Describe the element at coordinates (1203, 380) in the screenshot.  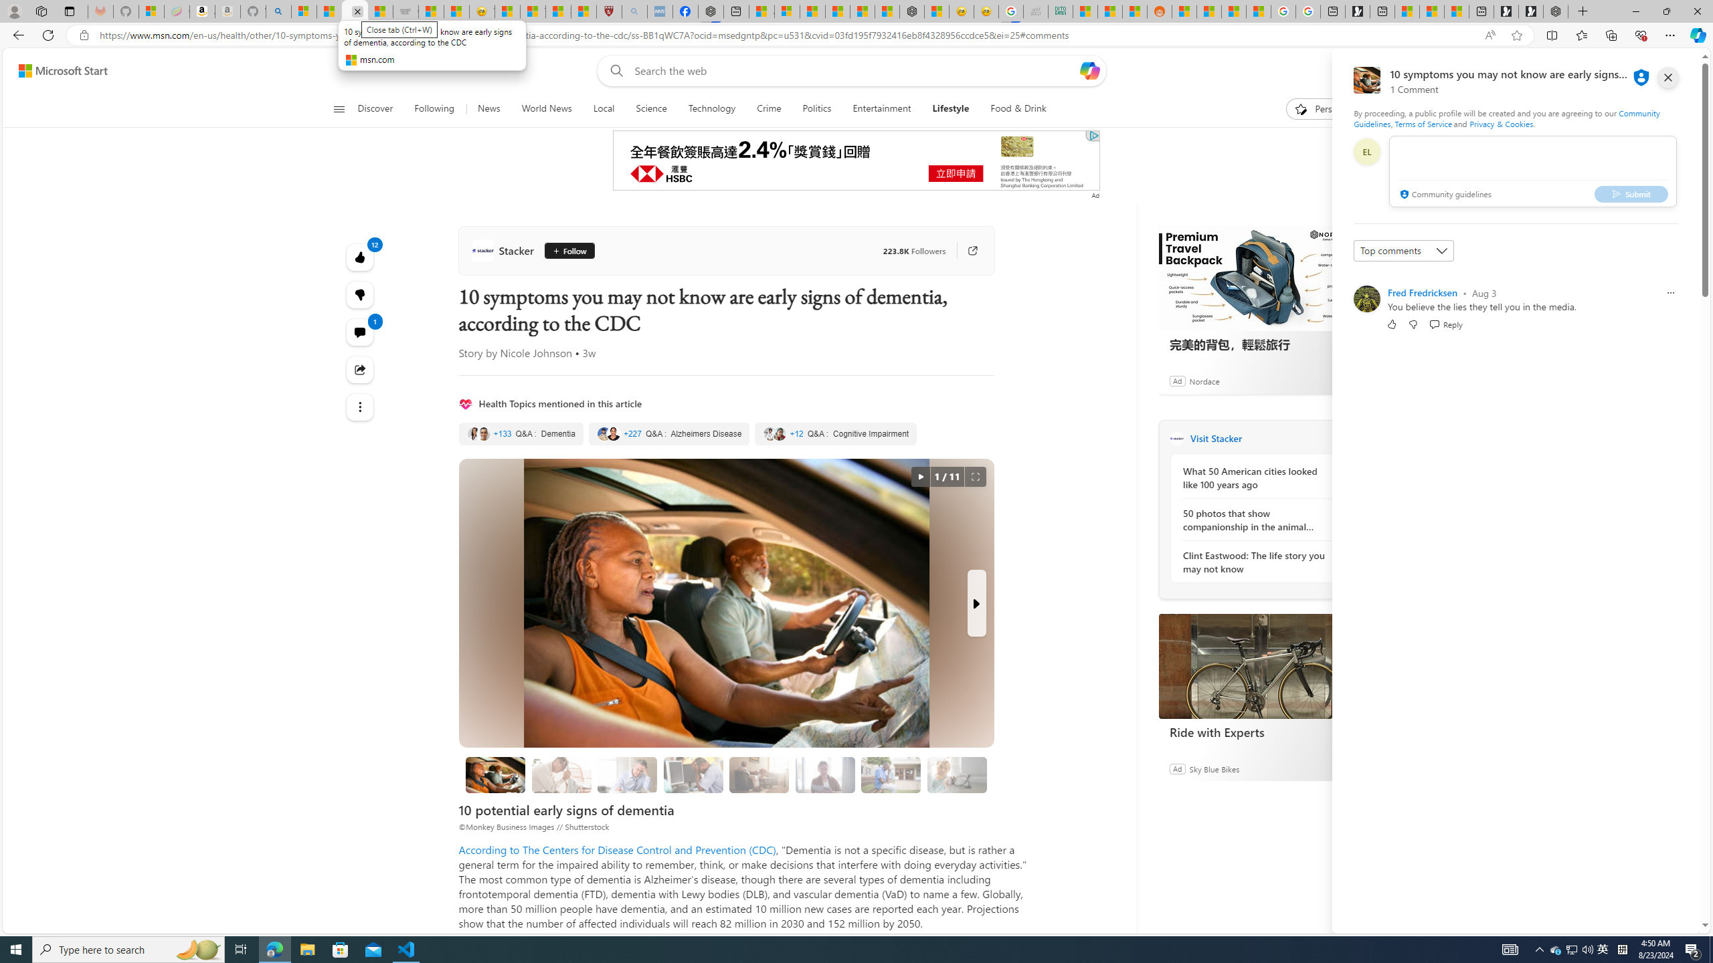
I see `'Nordace'` at that location.